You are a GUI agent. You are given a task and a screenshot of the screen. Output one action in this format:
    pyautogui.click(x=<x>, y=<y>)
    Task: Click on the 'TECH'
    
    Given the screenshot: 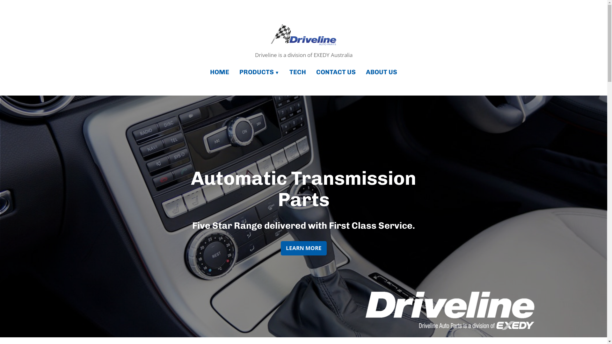 What is the action you would take?
    pyautogui.click(x=297, y=72)
    